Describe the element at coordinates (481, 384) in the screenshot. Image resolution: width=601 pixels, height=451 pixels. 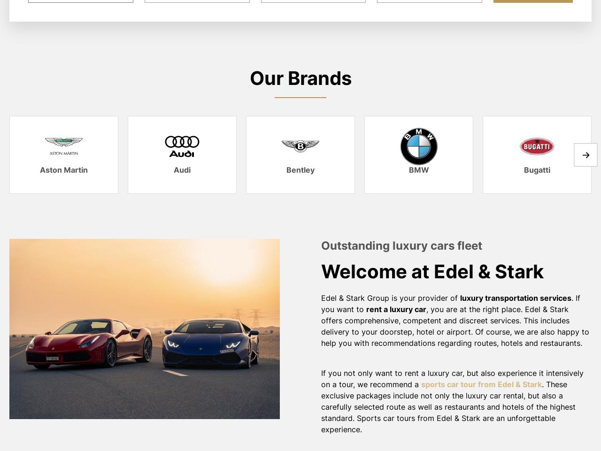
I see `'sports car tour from Edel & Stark'` at that location.